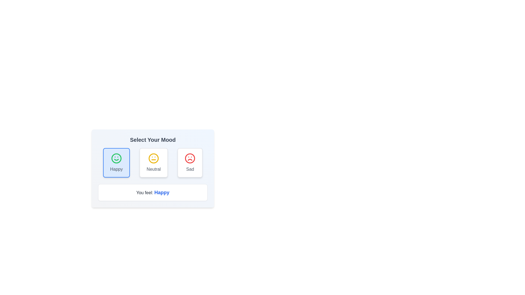  I want to click on the 'Sad' mood selection button, so click(190, 163).